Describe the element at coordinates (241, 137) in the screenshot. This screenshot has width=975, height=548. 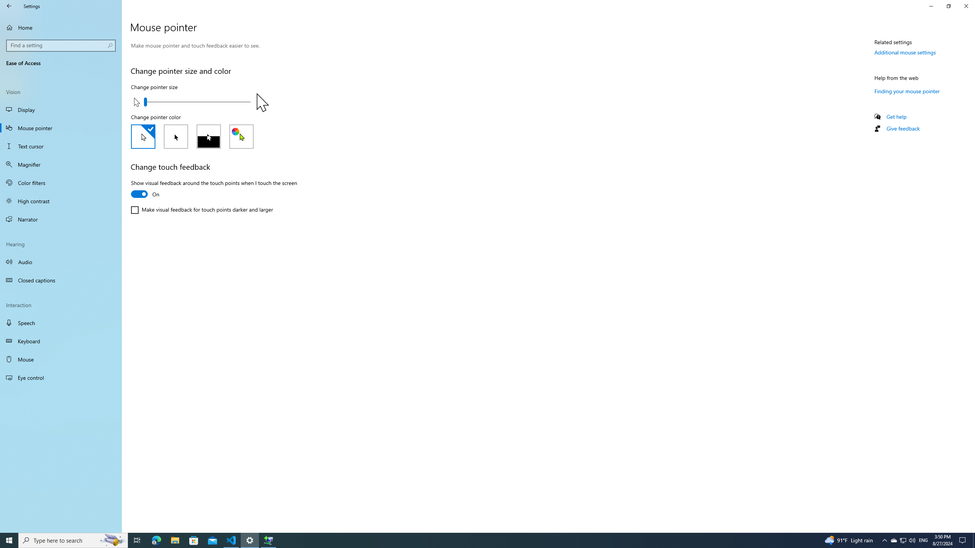
I see `'Custom'` at that location.